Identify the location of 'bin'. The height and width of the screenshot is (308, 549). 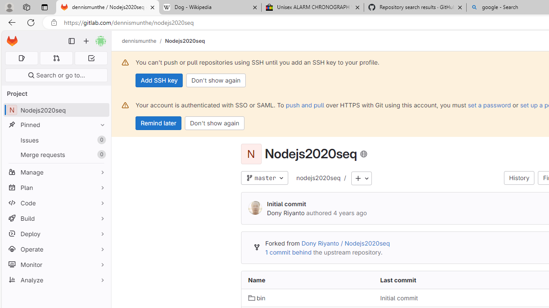
(256, 297).